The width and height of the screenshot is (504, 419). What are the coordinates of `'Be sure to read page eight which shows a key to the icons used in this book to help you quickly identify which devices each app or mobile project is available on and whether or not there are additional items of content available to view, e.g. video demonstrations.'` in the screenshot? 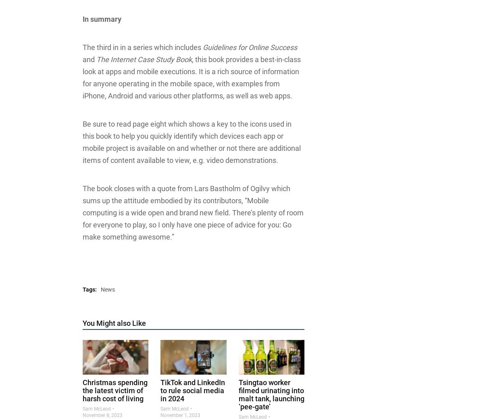 It's located at (191, 142).